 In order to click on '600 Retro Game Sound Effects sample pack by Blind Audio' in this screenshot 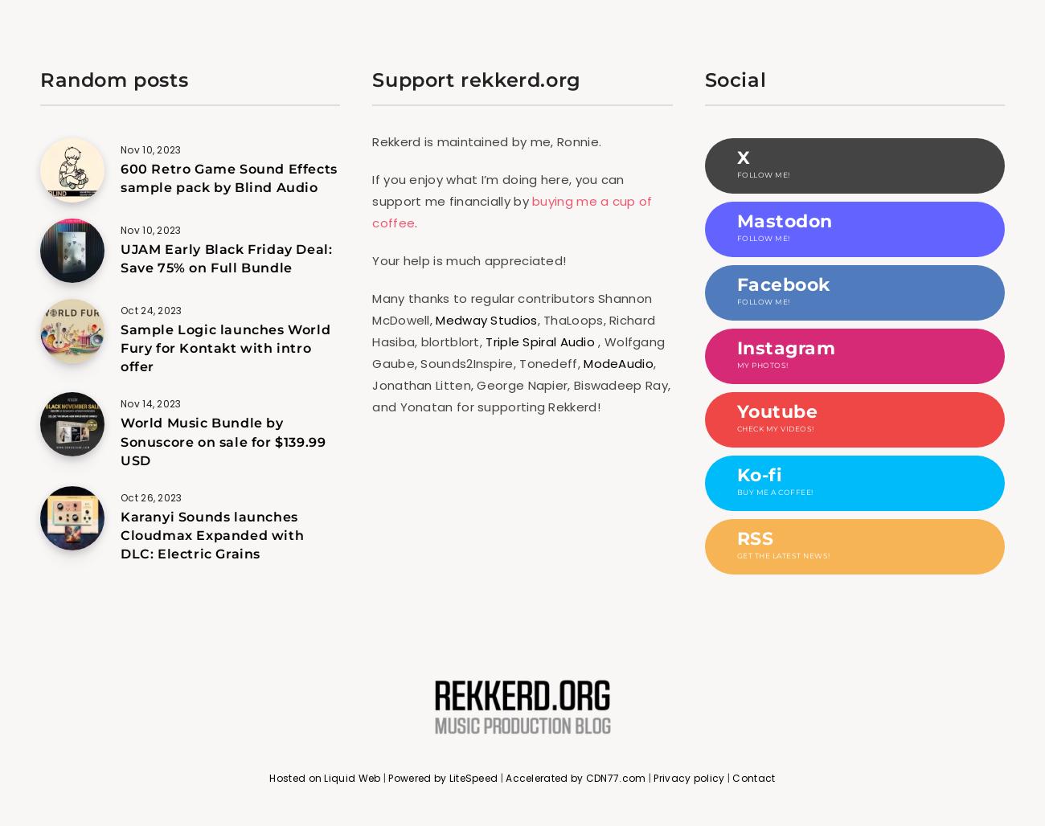, I will do `click(228, 177)`.